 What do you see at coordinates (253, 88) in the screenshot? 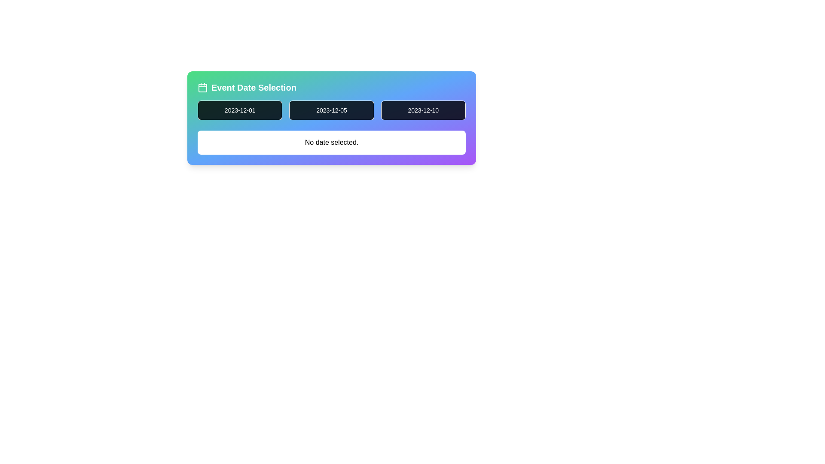
I see `the label indicating the functionality of selecting an event date, which is positioned in the top-left corner of a card-like group beside a calendar icon` at bounding box center [253, 88].